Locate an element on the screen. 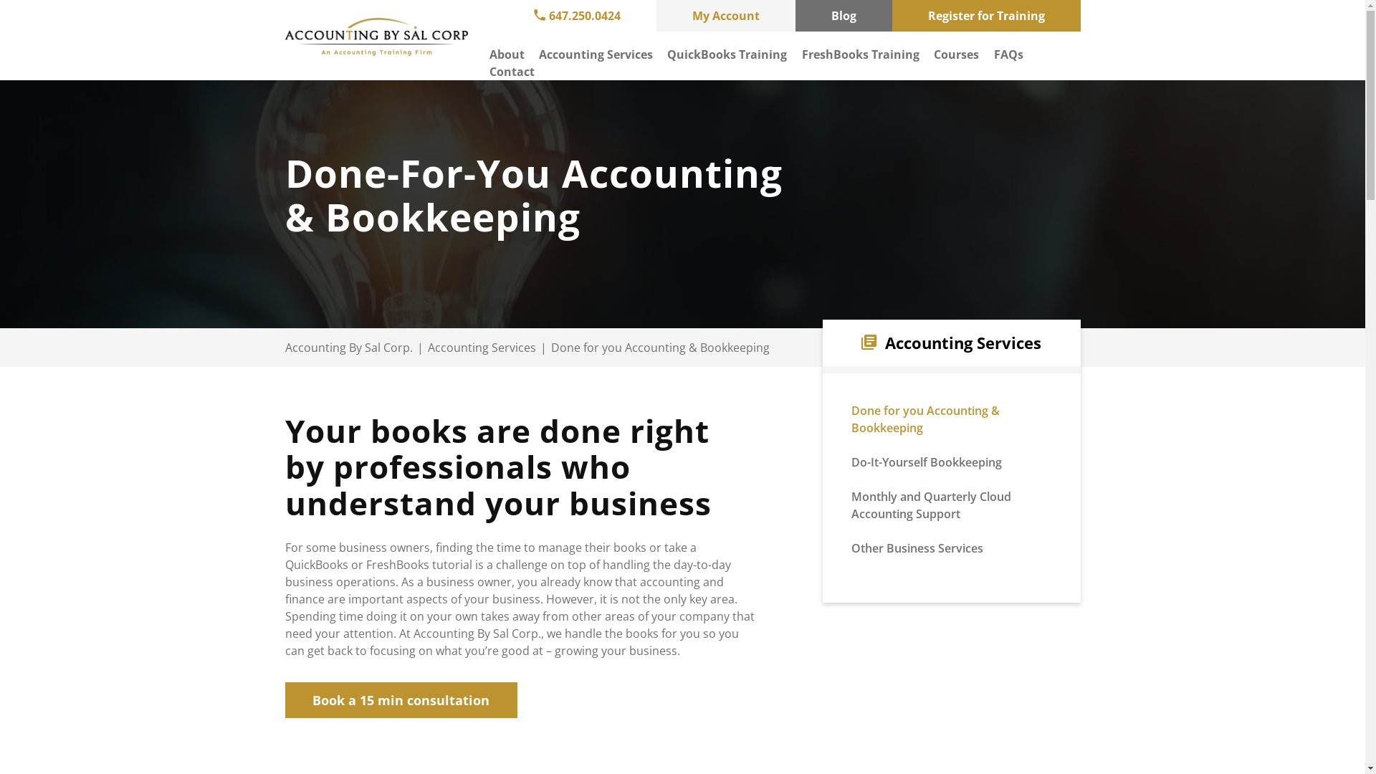  'FAQs' is located at coordinates (993, 54).